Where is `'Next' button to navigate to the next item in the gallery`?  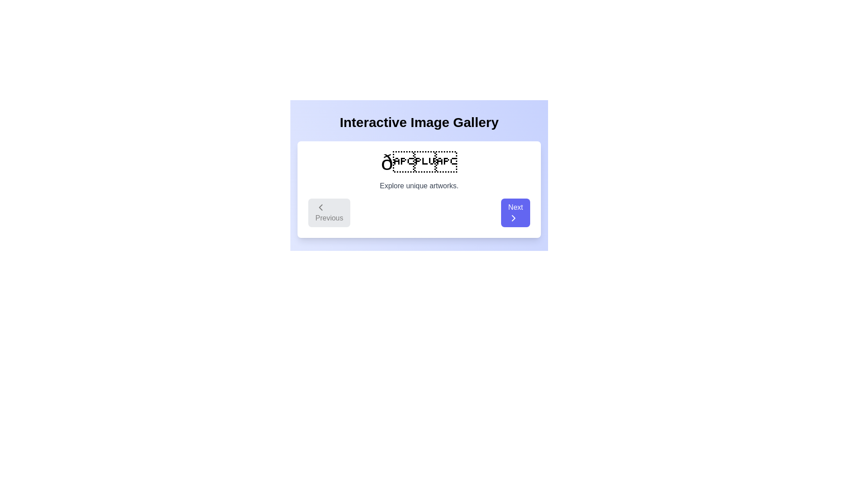
'Next' button to navigate to the next item in the gallery is located at coordinates (515, 212).